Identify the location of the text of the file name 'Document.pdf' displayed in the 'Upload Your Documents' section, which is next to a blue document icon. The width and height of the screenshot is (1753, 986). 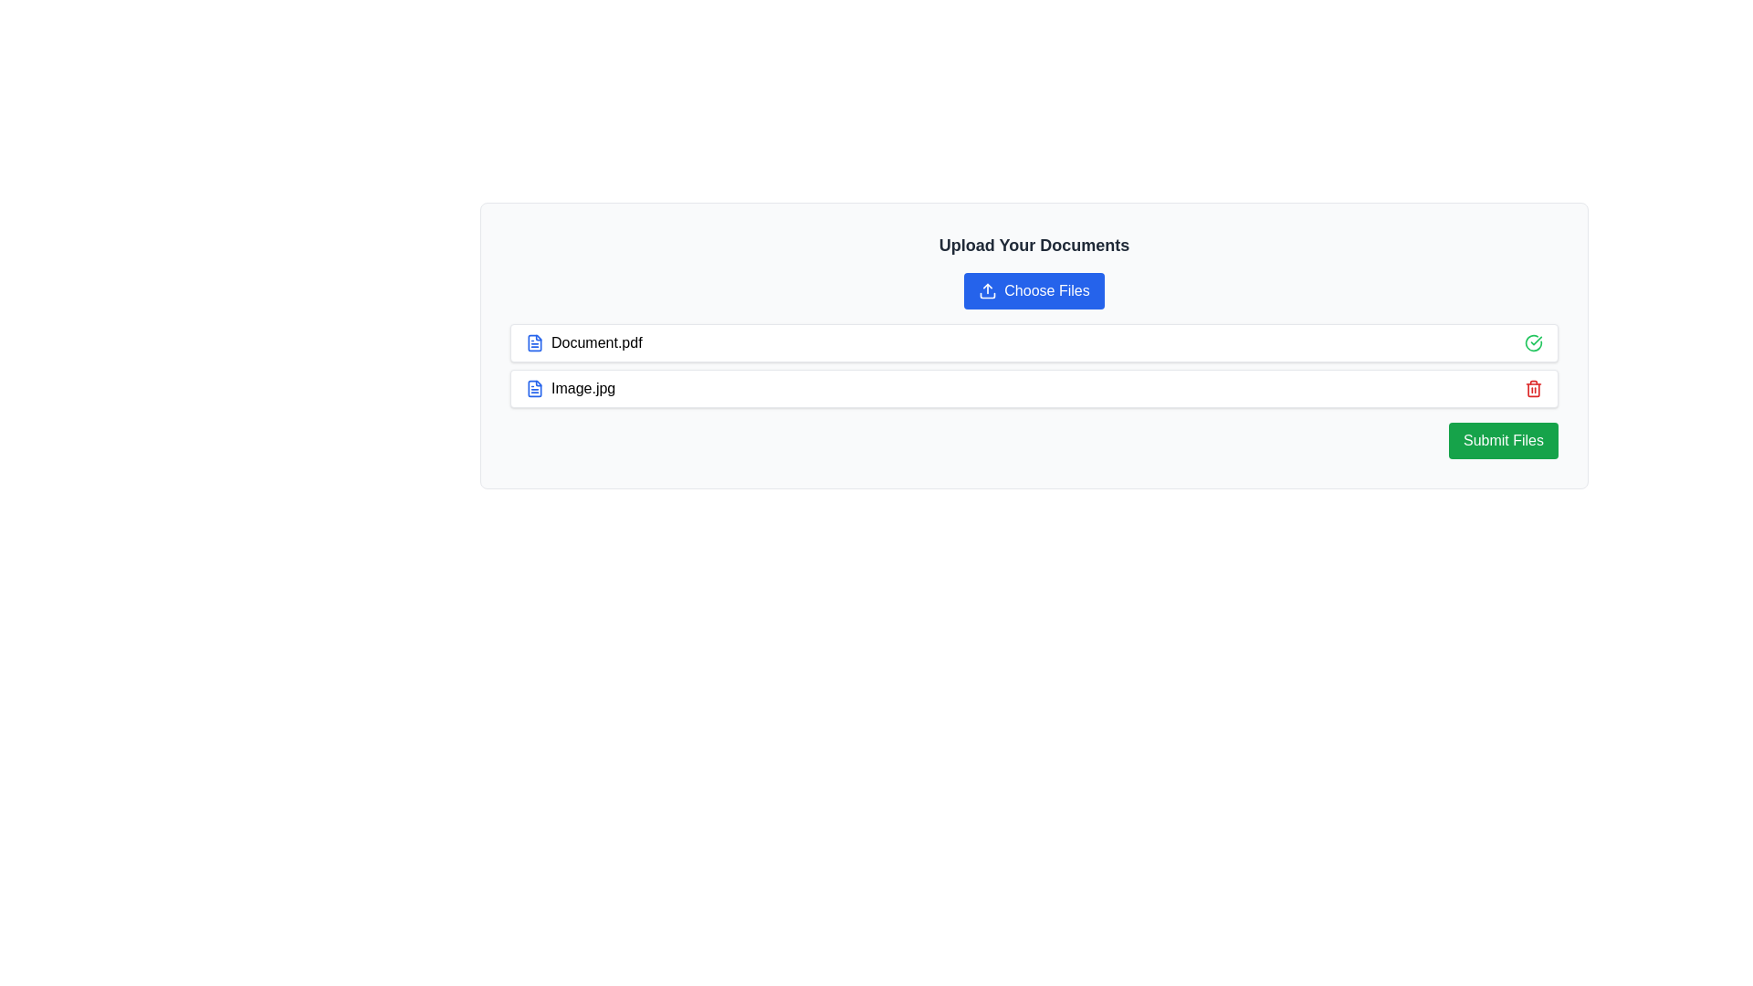
(596, 342).